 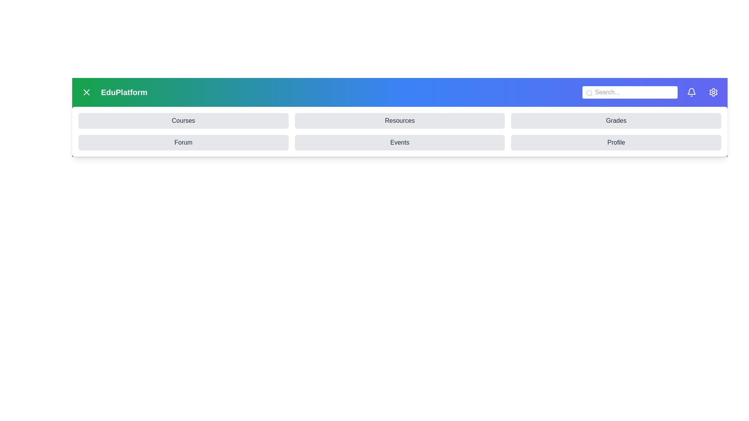 I want to click on the 'Bell' icon to view notifications, so click(x=691, y=92).